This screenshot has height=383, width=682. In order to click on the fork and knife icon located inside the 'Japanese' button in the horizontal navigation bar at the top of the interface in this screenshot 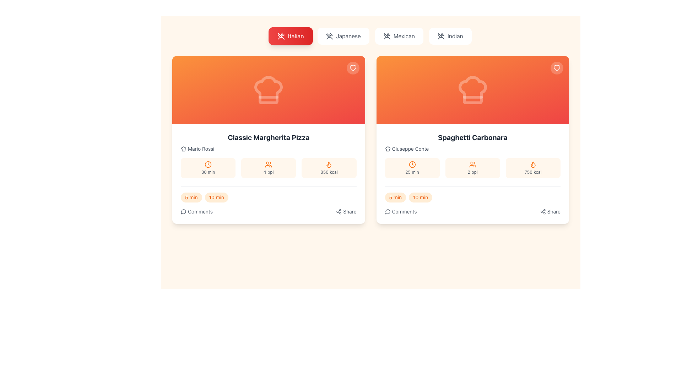, I will do `click(329, 36)`.